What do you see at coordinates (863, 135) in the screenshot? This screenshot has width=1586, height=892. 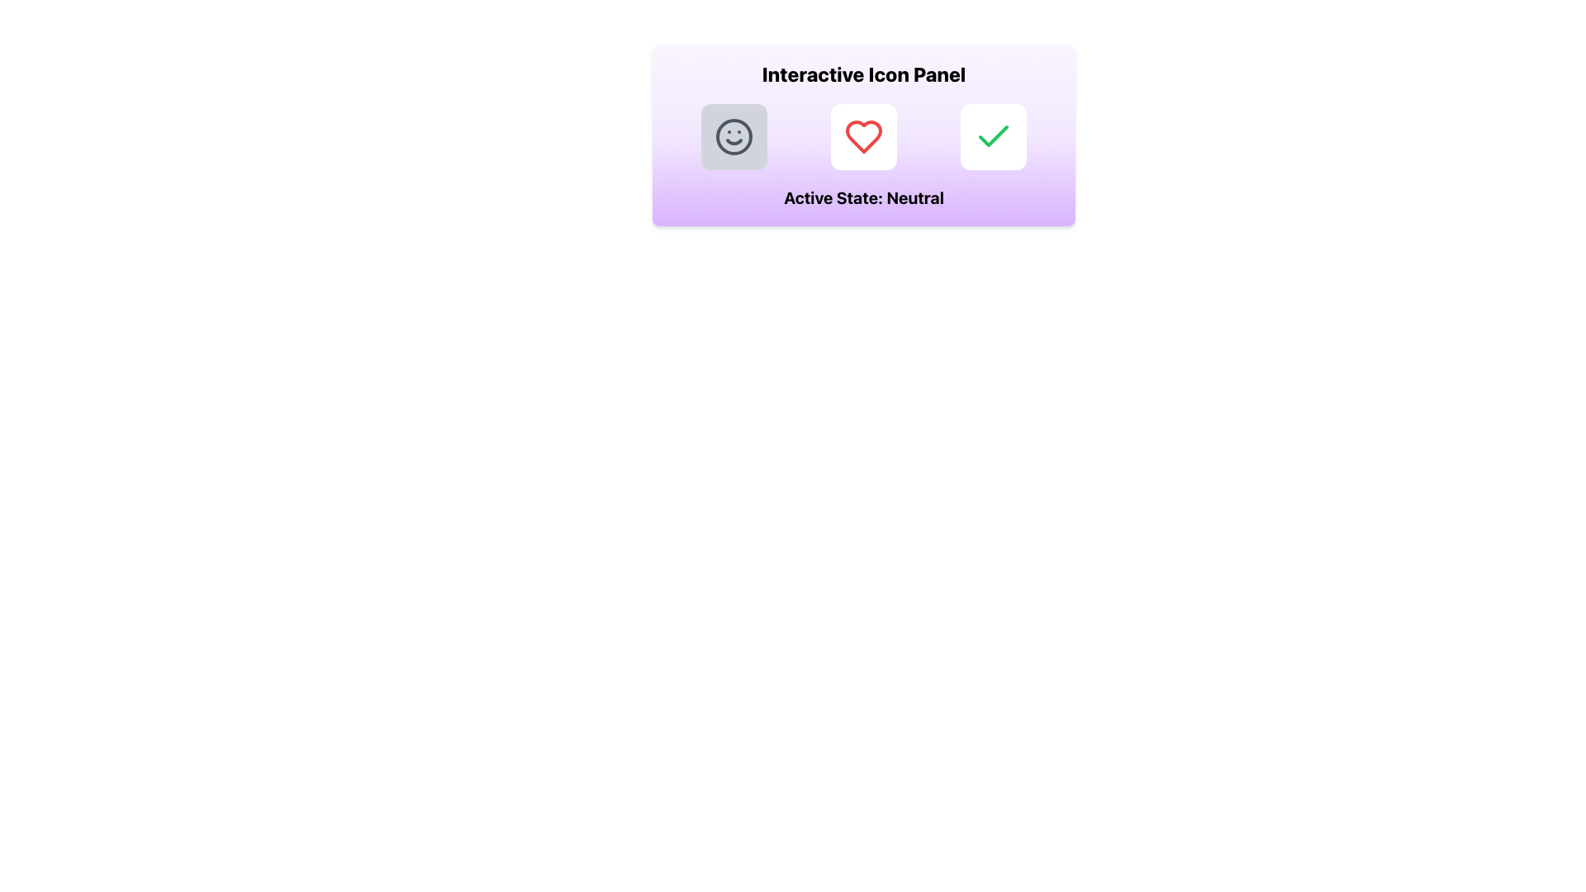 I see `the highlighted heart icon button in the Interactive Icon Panel` at bounding box center [863, 135].